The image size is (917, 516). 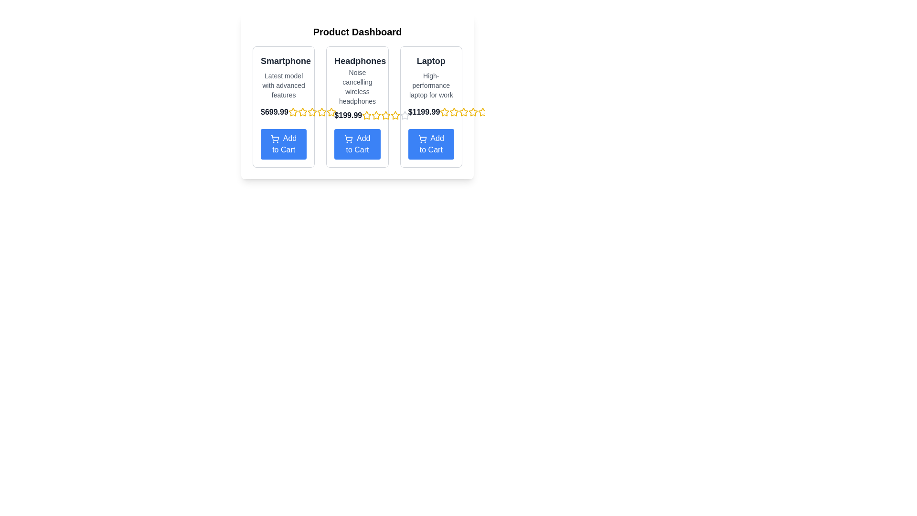 I want to click on the second rating star icon in the rating star row for the Laptop product, so click(x=405, y=115).